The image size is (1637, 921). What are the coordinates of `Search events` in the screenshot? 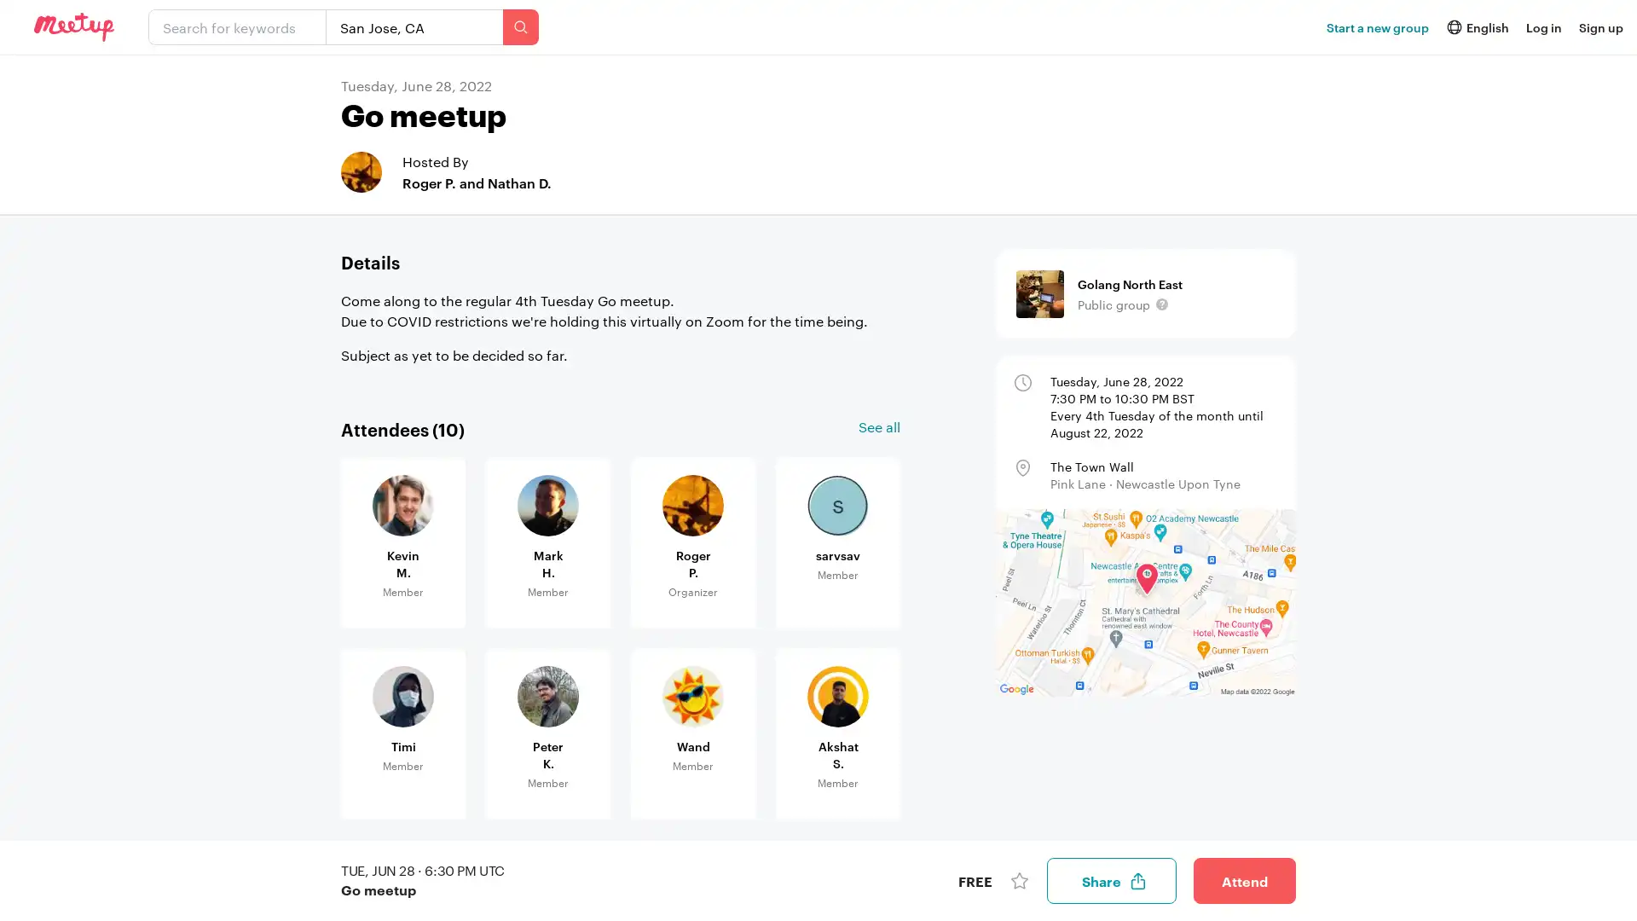 It's located at (519, 26).